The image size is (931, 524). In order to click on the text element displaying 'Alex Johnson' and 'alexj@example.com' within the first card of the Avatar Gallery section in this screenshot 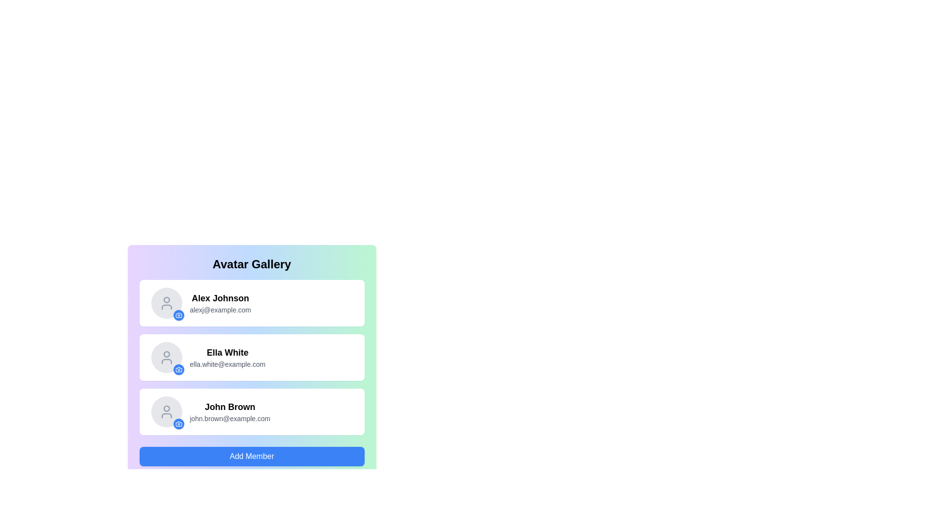, I will do `click(220, 302)`.